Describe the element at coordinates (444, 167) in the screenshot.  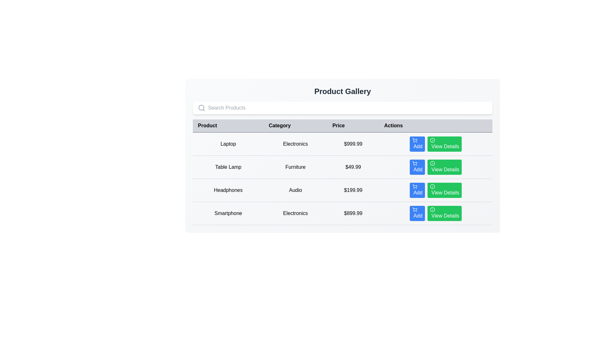
I see `the button located in the 'Actions' column of the second row of the table` at that location.